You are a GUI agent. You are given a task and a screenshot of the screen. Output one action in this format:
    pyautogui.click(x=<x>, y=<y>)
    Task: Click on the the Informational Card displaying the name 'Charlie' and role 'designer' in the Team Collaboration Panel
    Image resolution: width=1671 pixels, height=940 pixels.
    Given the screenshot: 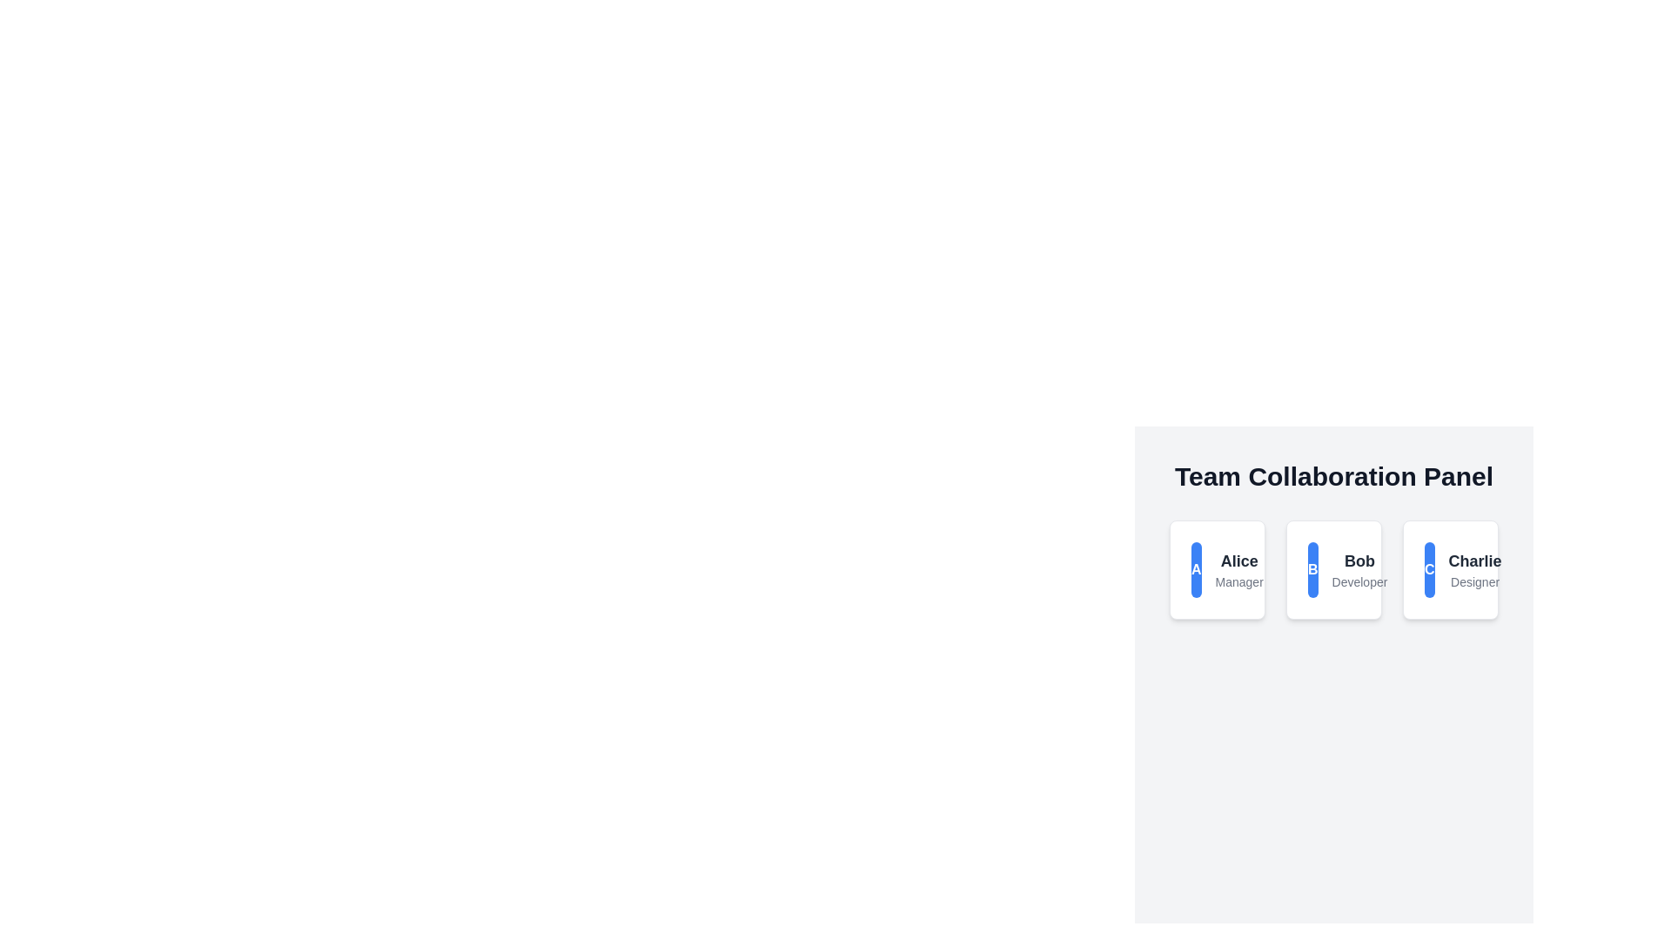 What is the action you would take?
    pyautogui.click(x=1450, y=570)
    